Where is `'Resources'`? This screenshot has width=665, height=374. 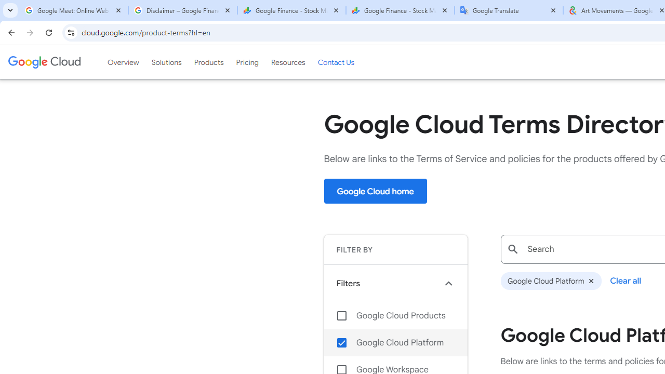
'Resources' is located at coordinates (288, 62).